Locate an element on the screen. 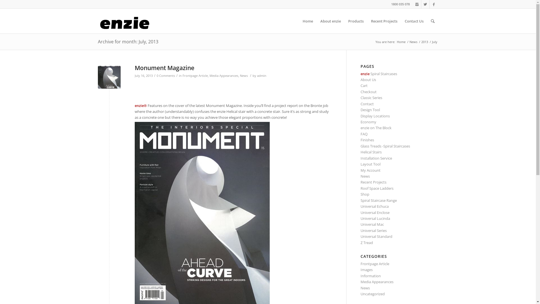 Image resolution: width=540 pixels, height=304 pixels. 'Contact Us' is located at coordinates (414, 21).